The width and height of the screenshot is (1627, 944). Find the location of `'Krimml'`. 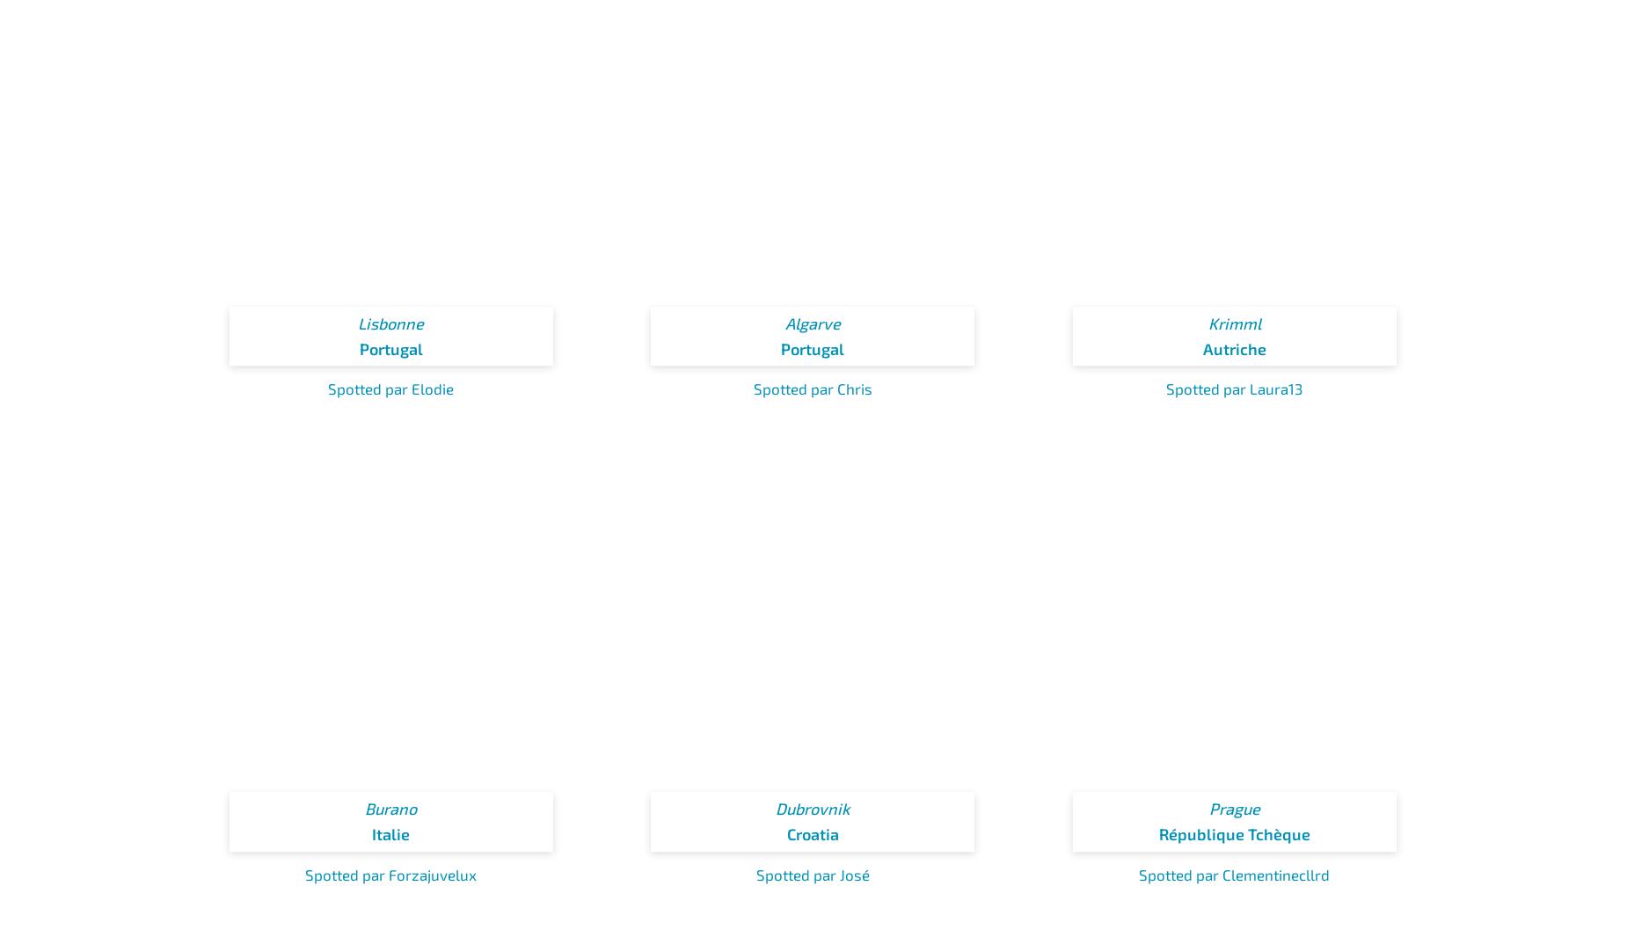

'Krimml' is located at coordinates (1207, 321).